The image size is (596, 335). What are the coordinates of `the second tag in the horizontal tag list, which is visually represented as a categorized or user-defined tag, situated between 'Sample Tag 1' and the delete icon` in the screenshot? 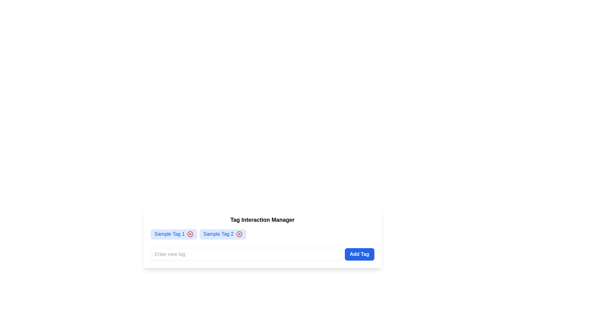 It's located at (218, 234).